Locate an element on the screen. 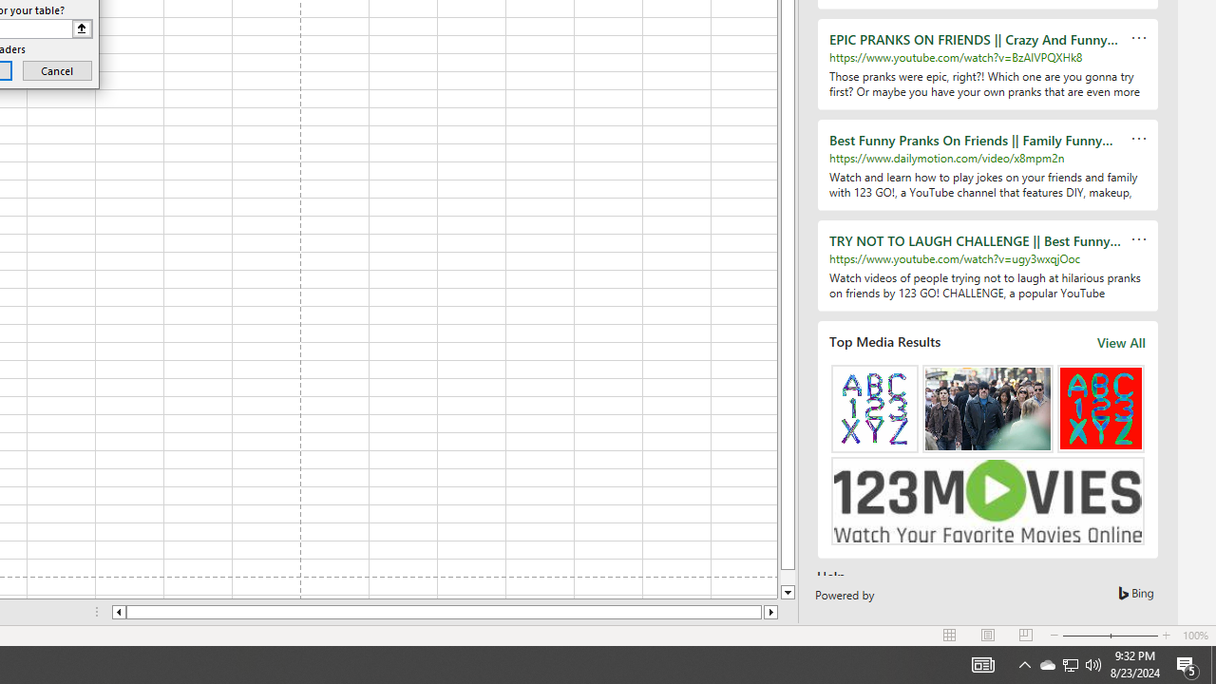 The width and height of the screenshot is (1216, 684). 'Notification Chevron' is located at coordinates (1024, 663).